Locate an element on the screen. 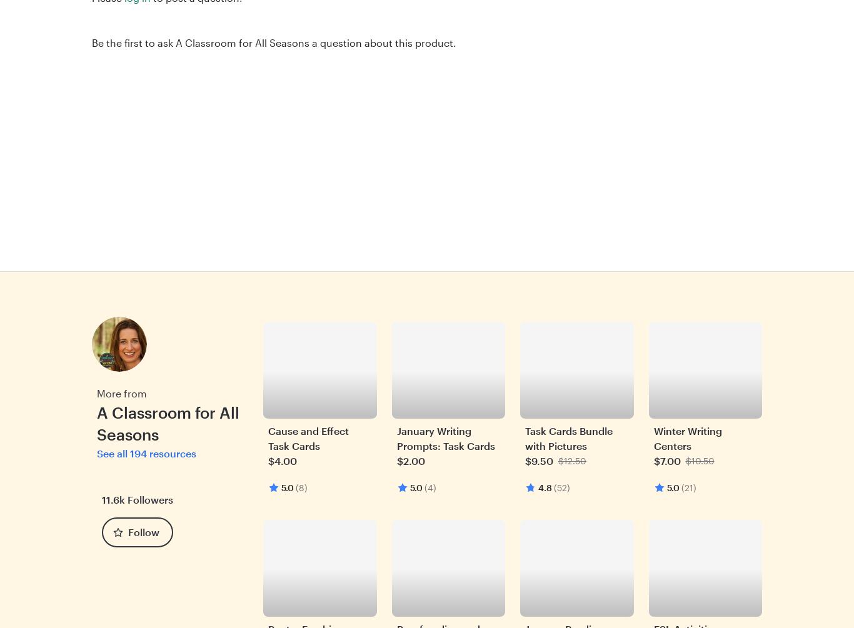 Image resolution: width=854 pixels, height=628 pixels. '$9.50' is located at coordinates (538, 460).